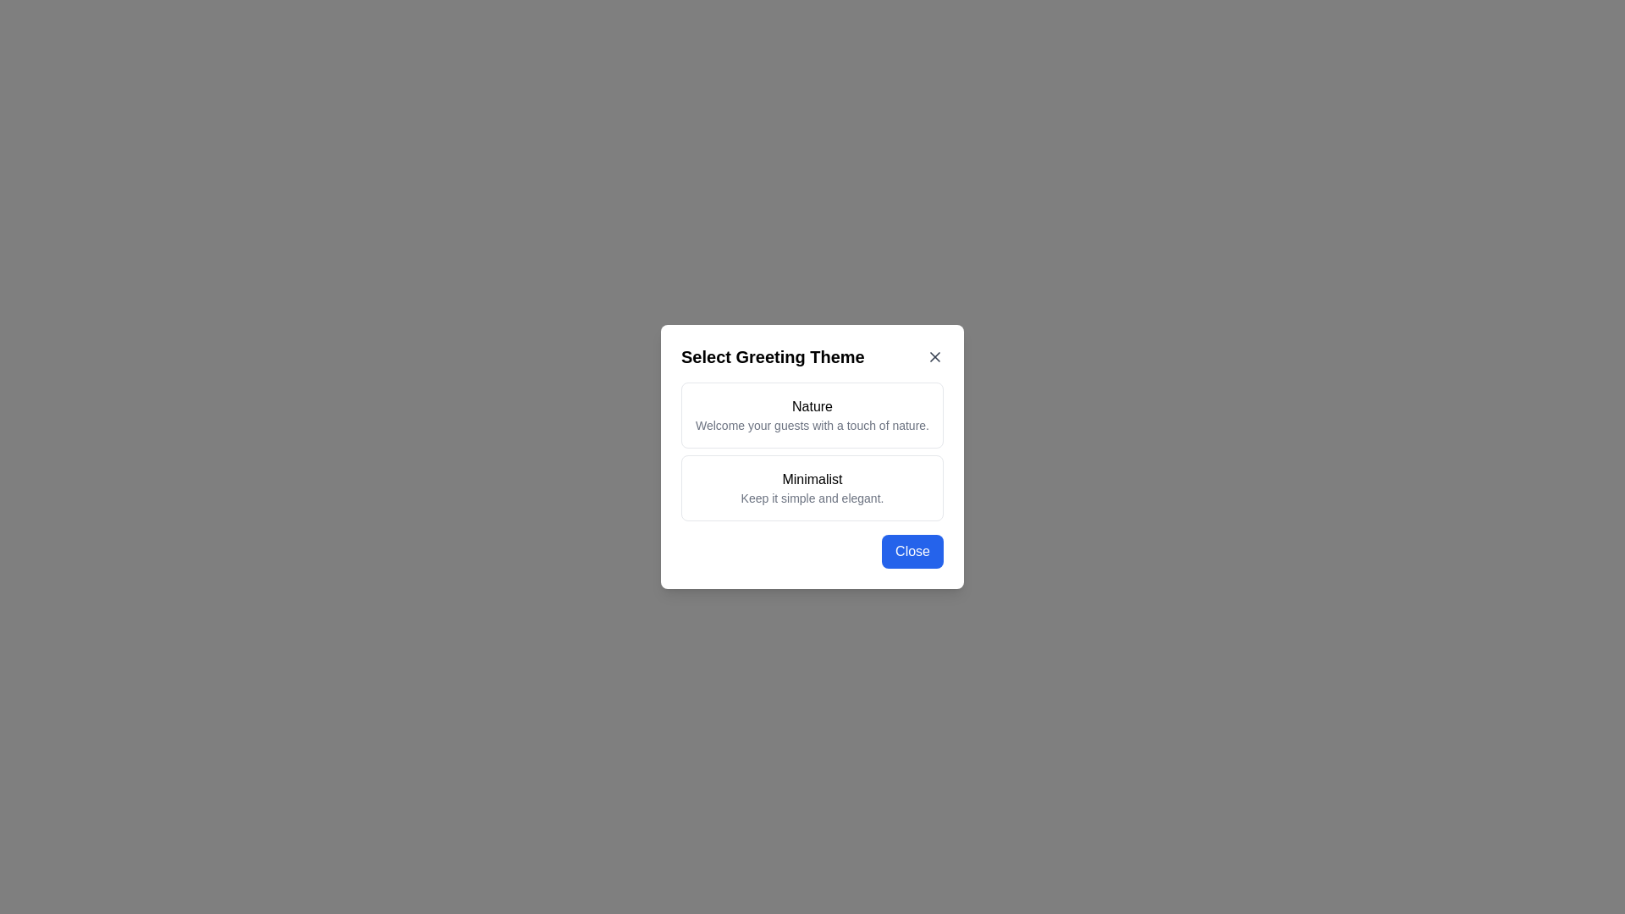 Image resolution: width=1625 pixels, height=914 pixels. I want to click on the text label displaying 'Select Greeting Theme' which is bold and large, located at the top center of the popup dialog box, so click(772, 355).